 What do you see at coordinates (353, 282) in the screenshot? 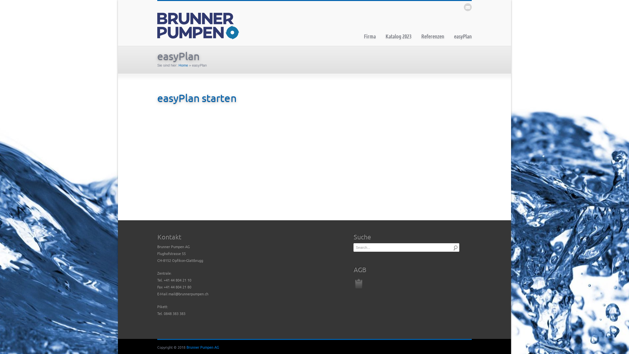
I see `'AGB'` at bounding box center [353, 282].